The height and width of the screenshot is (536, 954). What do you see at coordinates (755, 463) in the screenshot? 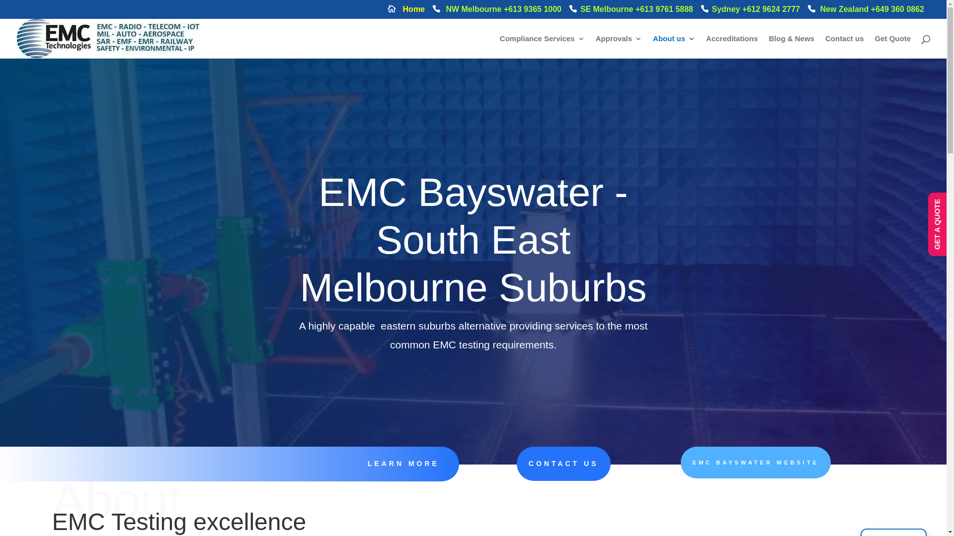
I see `'EMC BAYSWATER WEBSITE'` at bounding box center [755, 463].